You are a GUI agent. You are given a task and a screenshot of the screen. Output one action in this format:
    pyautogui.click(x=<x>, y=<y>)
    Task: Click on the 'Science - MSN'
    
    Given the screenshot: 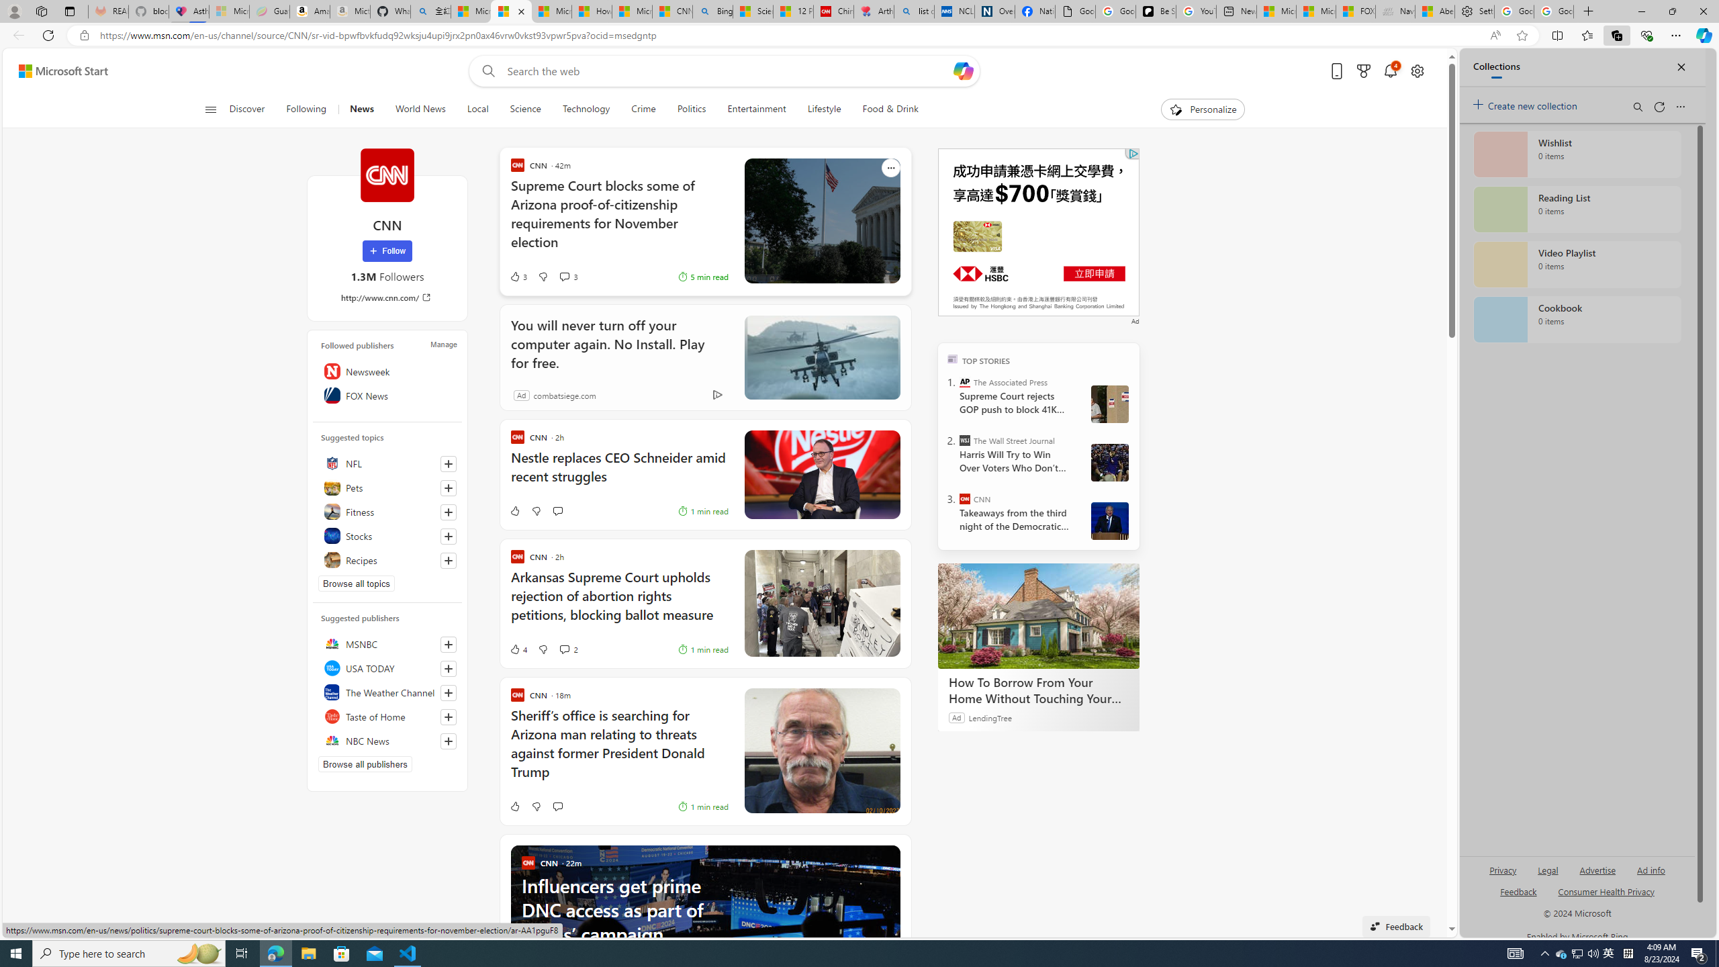 What is the action you would take?
    pyautogui.click(x=753, y=11)
    